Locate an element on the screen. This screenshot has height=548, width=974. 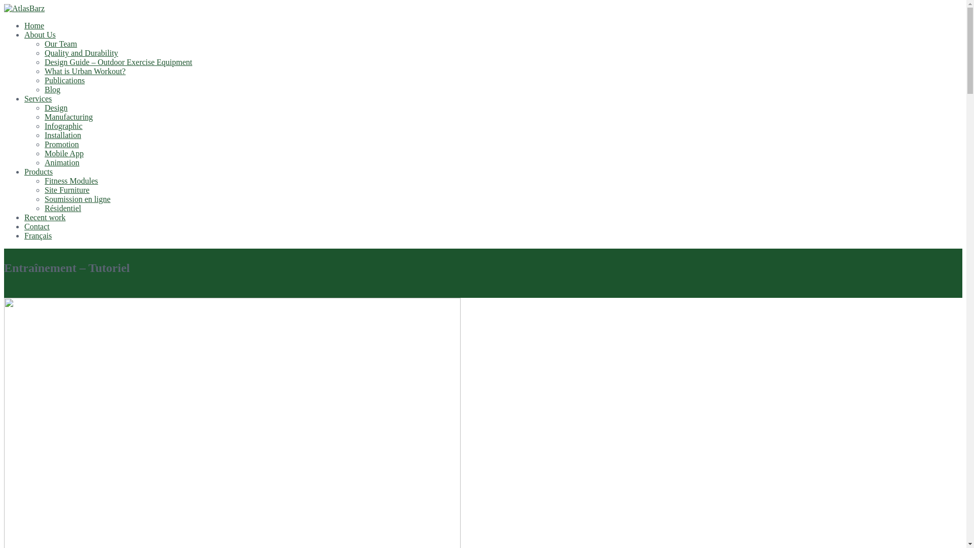
'Animation' is located at coordinates (61, 162).